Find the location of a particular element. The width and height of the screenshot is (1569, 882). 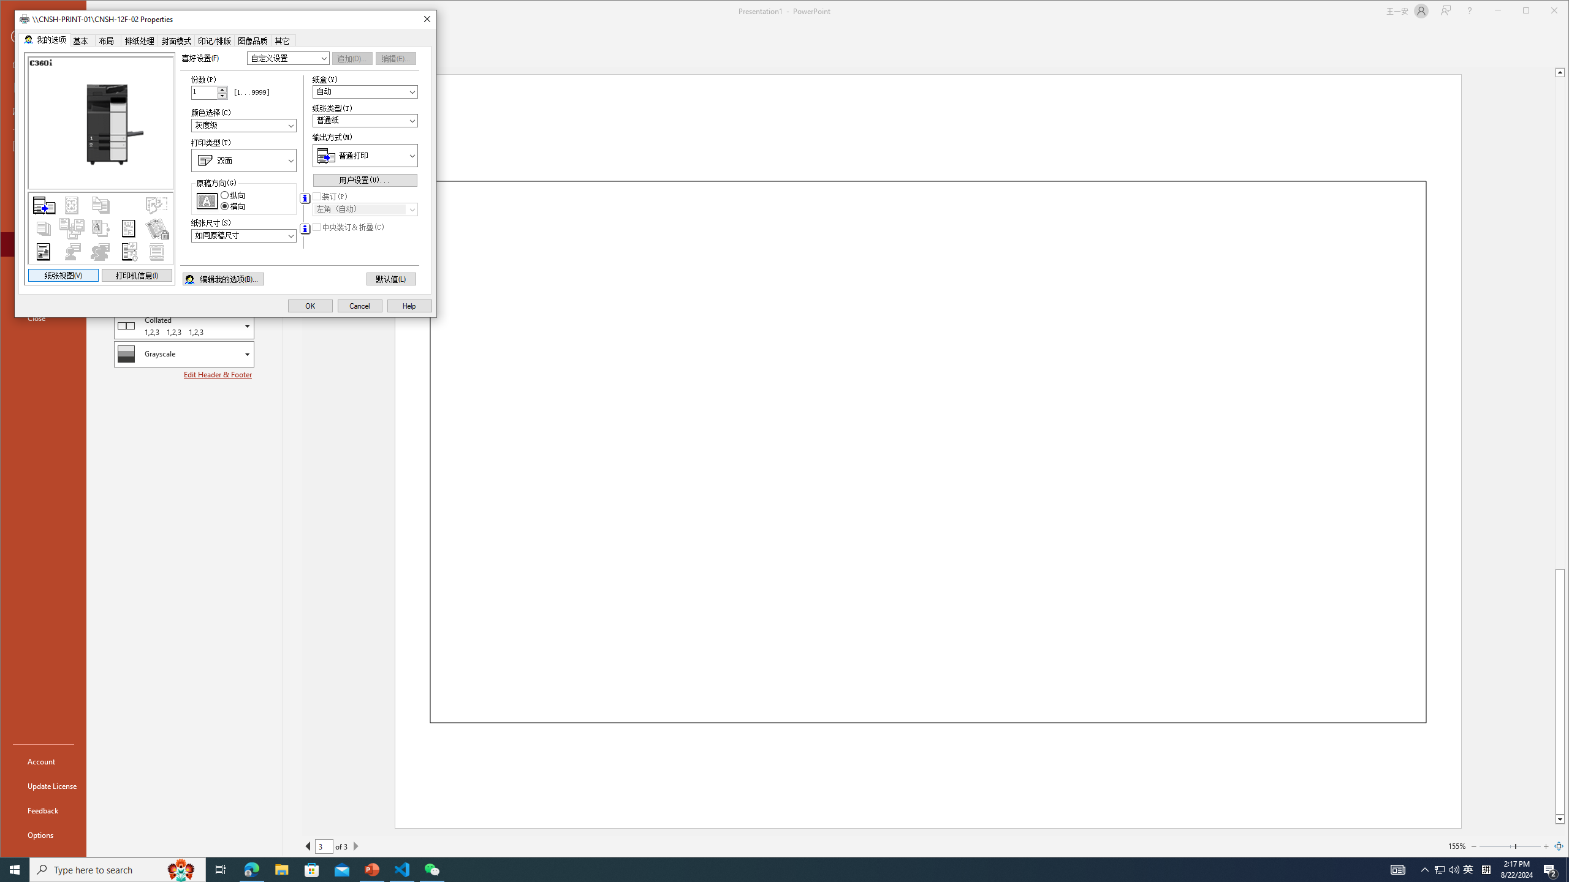

'WeChat - 1 running window' is located at coordinates (432, 869).